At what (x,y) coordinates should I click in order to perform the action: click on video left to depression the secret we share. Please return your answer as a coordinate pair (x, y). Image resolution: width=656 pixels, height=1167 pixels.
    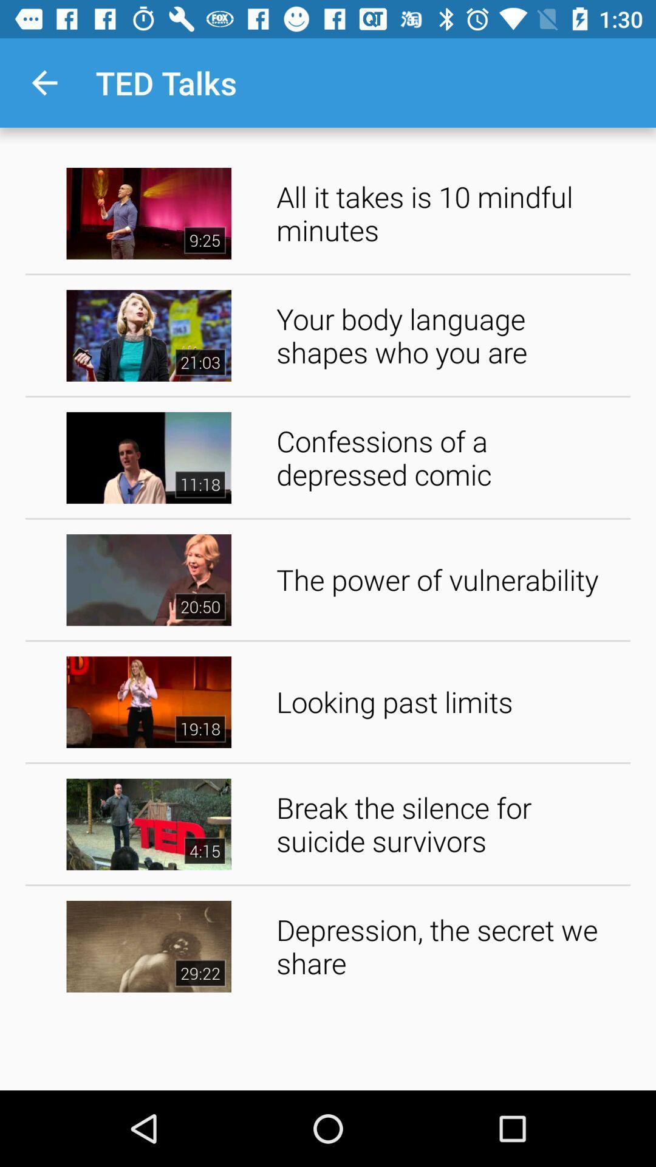
    Looking at the image, I should click on (148, 946).